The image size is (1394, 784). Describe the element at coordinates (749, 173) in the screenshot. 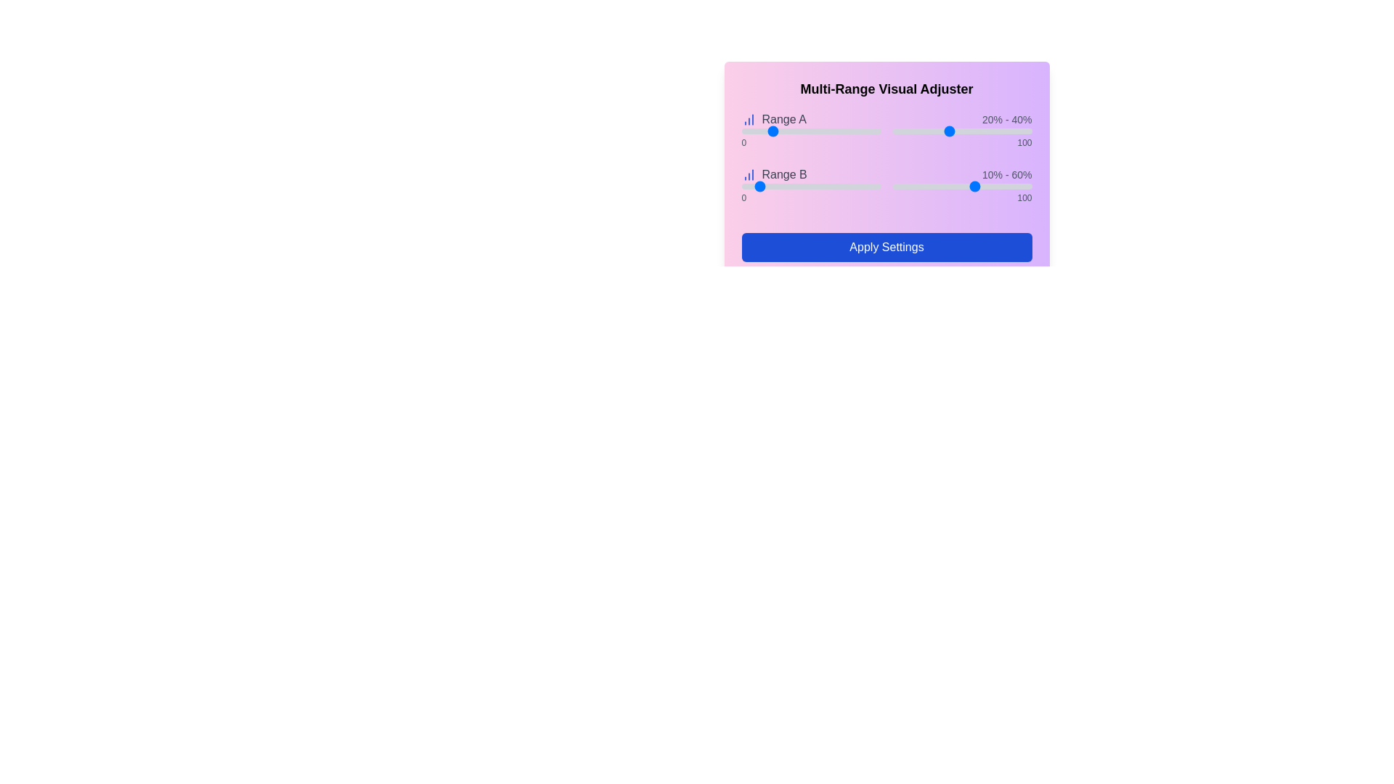

I see `the icon representing metrics related to 'Range B', located to the left of the text 'Range B' in the middle section of the interface` at that location.